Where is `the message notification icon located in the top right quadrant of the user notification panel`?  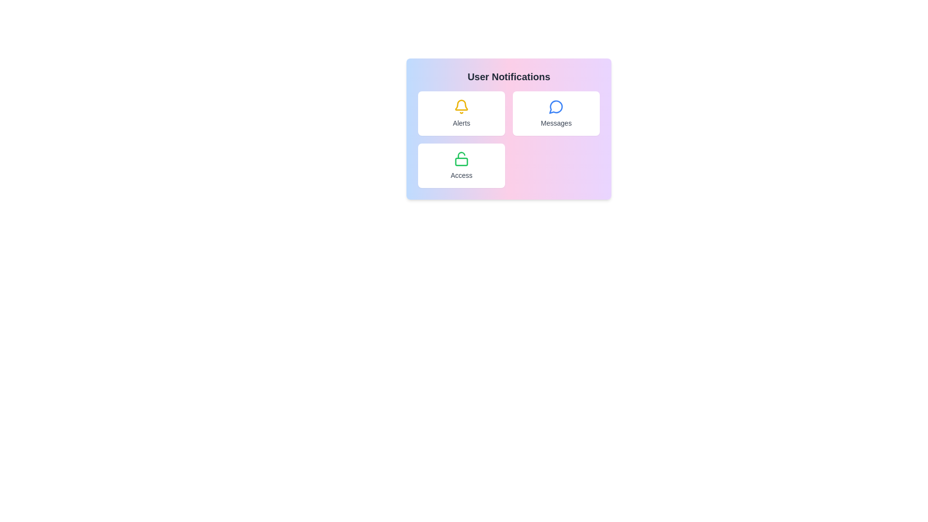 the message notification icon located in the top right quadrant of the user notification panel is located at coordinates (556, 107).